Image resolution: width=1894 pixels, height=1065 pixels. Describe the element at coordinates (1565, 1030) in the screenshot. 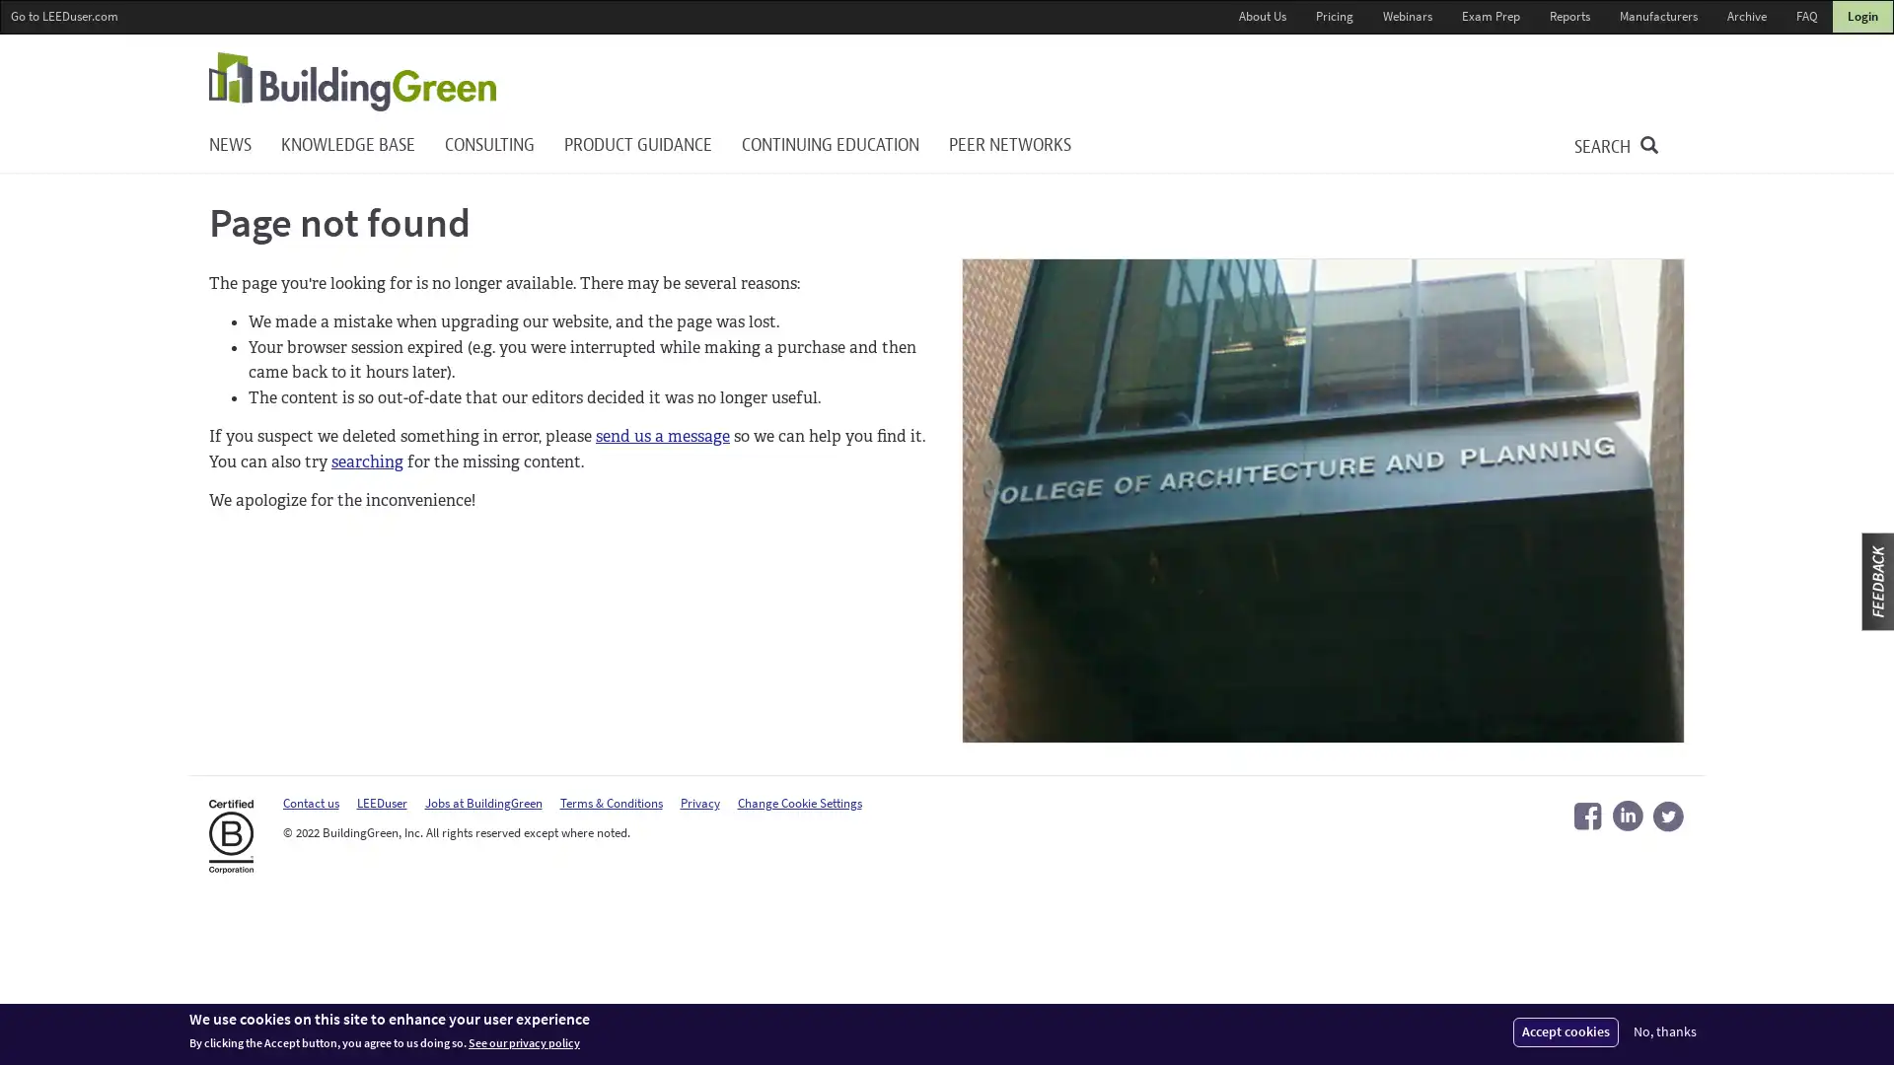

I see `Accept cookies` at that location.